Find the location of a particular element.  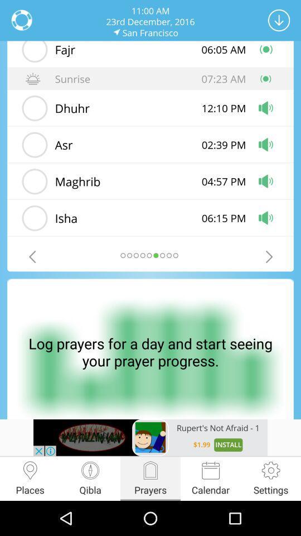

the volume icon is located at coordinates (265, 181).